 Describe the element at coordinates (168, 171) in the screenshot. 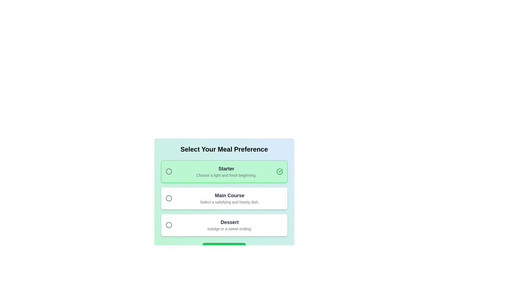

I see `the visual indicator icon located at the top-left corner within the green box labeled 'Starter', which serves as a placeholder or unselected state marker` at that location.